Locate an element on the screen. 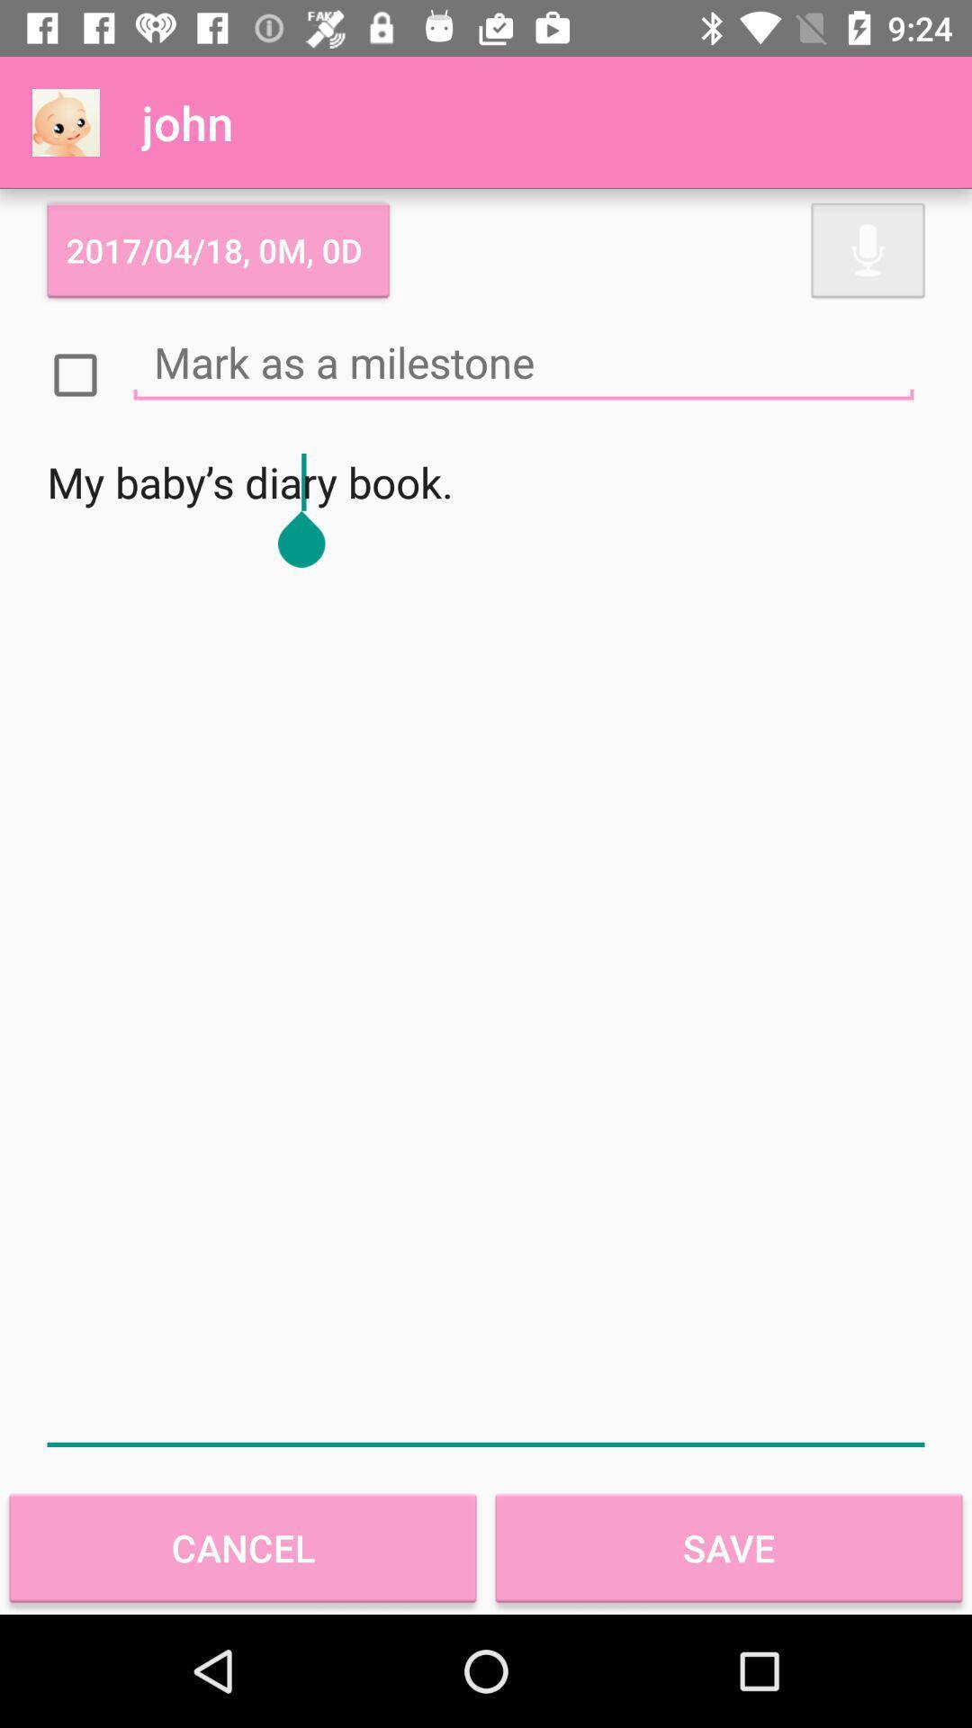 This screenshot has width=972, height=1728. the item above 2017 04 18 is located at coordinates (65, 121).